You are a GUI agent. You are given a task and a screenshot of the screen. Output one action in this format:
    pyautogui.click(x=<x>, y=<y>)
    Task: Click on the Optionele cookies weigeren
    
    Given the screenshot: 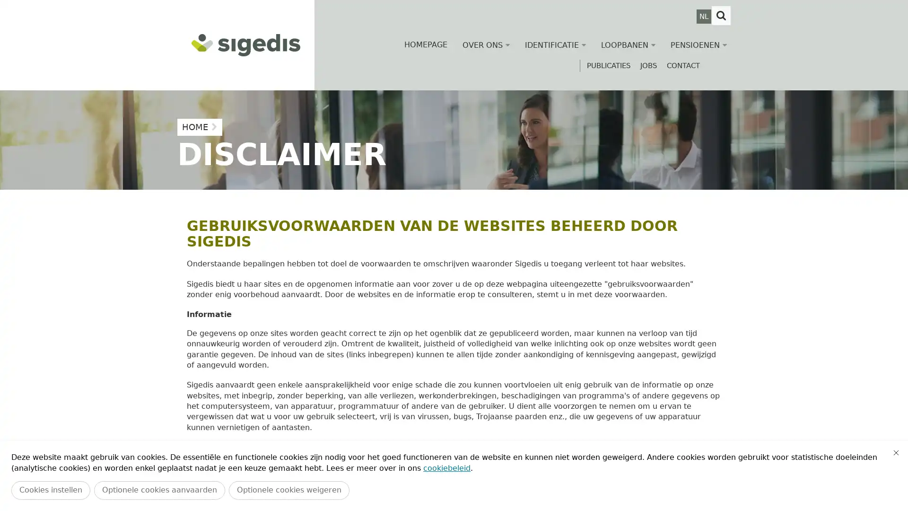 What is the action you would take?
    pyautogui.click(x=288, y=490)
    